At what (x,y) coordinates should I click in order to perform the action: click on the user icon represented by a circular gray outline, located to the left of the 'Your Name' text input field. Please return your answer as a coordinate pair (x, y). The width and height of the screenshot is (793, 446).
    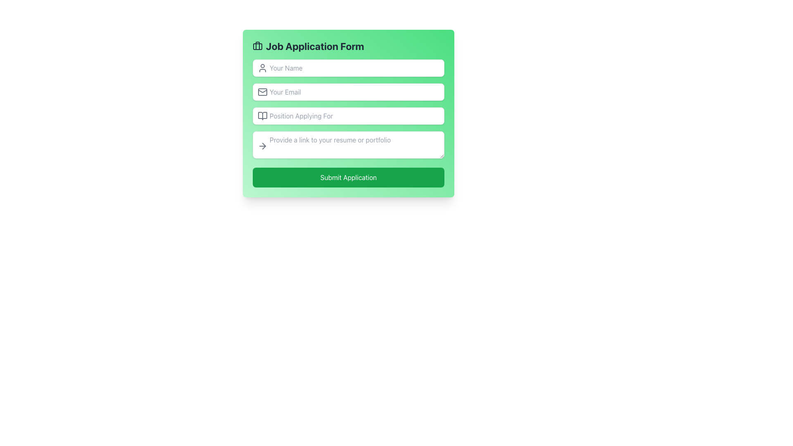
    Looking at the image, I should click on (262, 68).